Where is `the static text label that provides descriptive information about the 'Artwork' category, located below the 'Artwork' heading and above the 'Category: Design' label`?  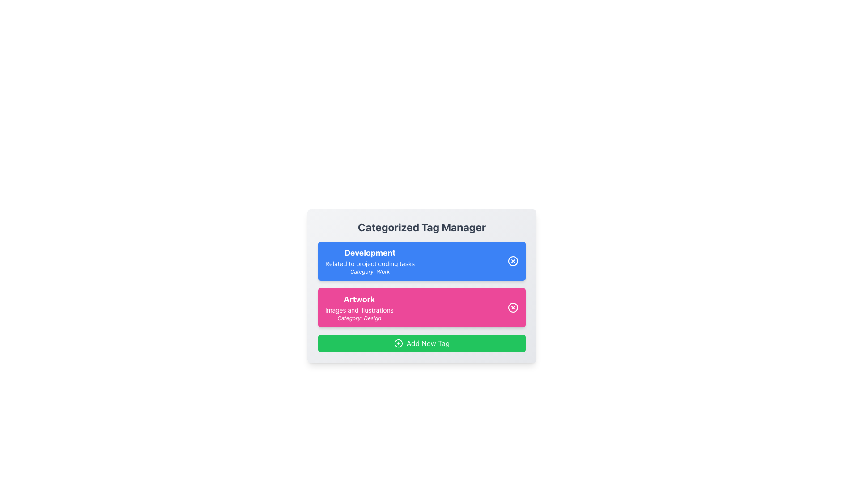 the static text label that provides descriptive information about the 'Artwork' category, located below the 'Artwork' heading and above the 'Category: Design' label is located at coordinates (359, 310).